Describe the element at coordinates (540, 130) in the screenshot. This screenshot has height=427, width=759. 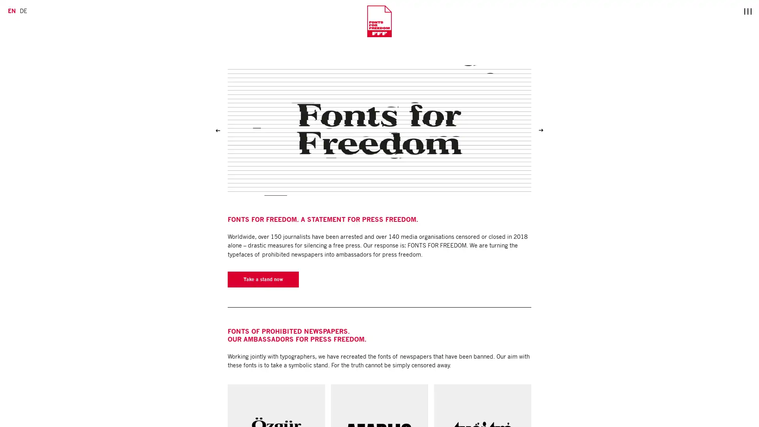
I see `Next slide` at that location.